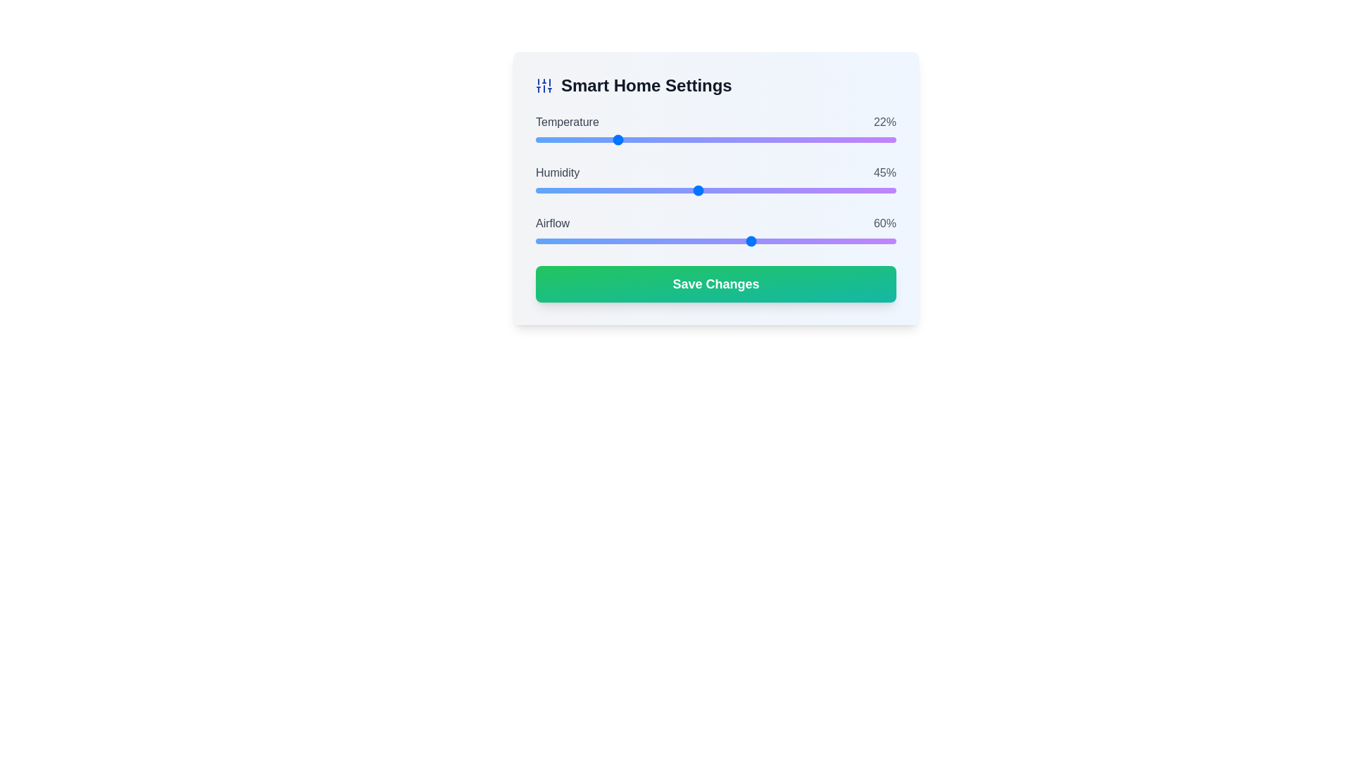  I want to click on the settings icon located at the top left corner of the dialog box, adjacent to the 'Smart Home Settings' title, so click(543, 86).